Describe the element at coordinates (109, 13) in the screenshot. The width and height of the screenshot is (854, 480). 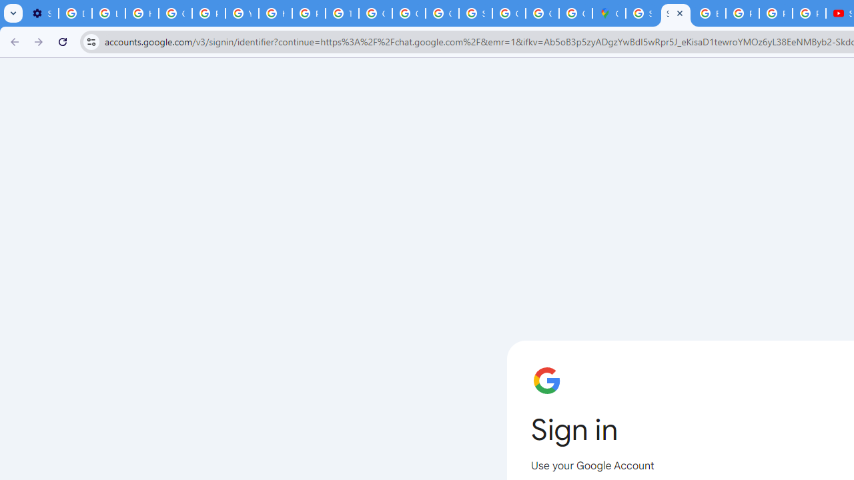
I see `'Learn how to find your photos - Google Photos Help'` at that location.